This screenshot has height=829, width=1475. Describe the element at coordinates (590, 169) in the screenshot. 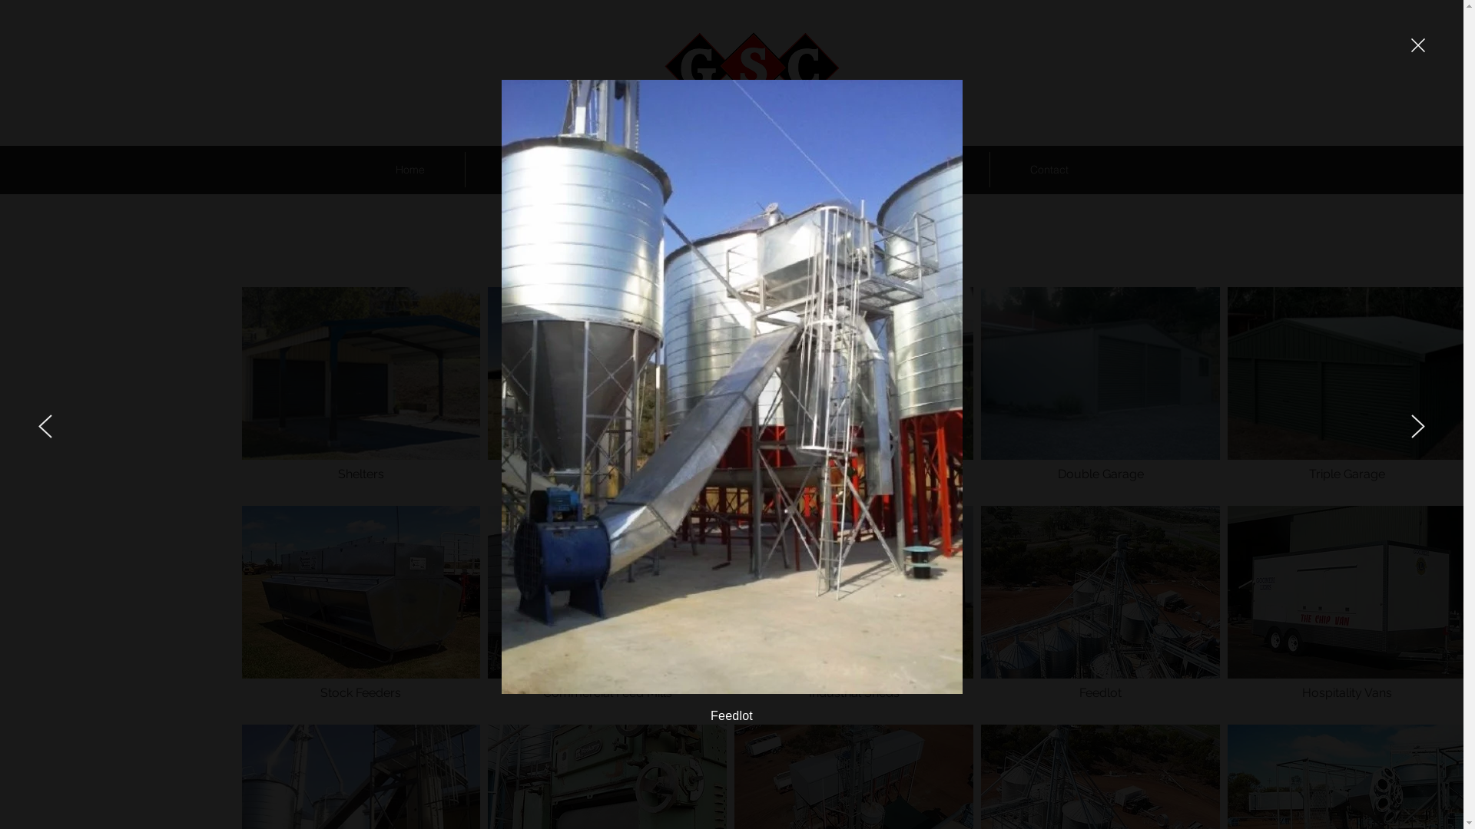

I see `'Our Services'` at that location.